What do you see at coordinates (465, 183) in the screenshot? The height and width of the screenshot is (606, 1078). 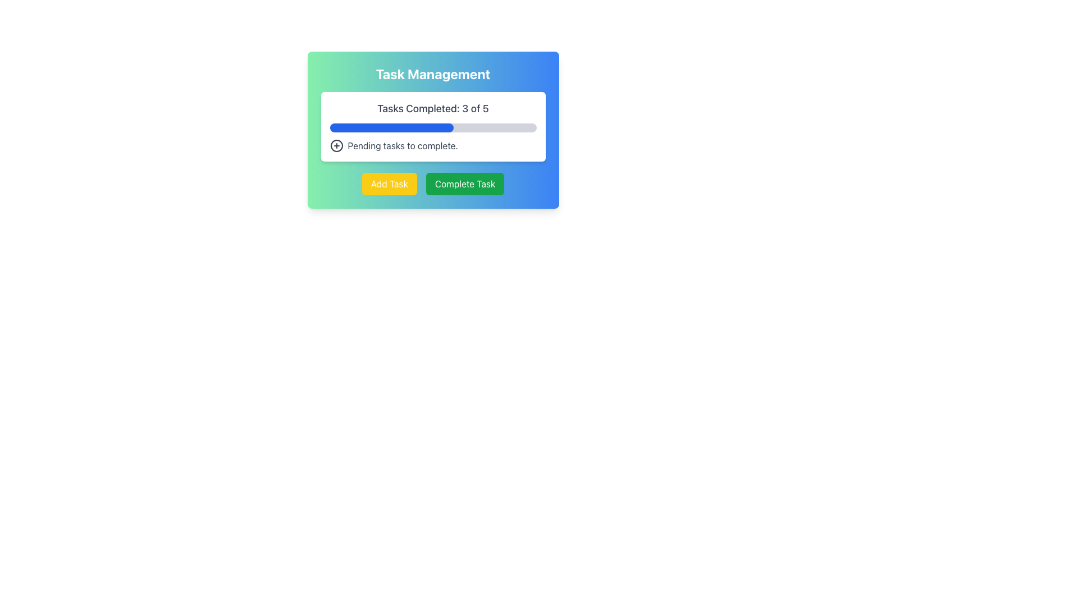 I see `the green 'Complete Task' button with rounded corners` at bounding box center [465, 183].